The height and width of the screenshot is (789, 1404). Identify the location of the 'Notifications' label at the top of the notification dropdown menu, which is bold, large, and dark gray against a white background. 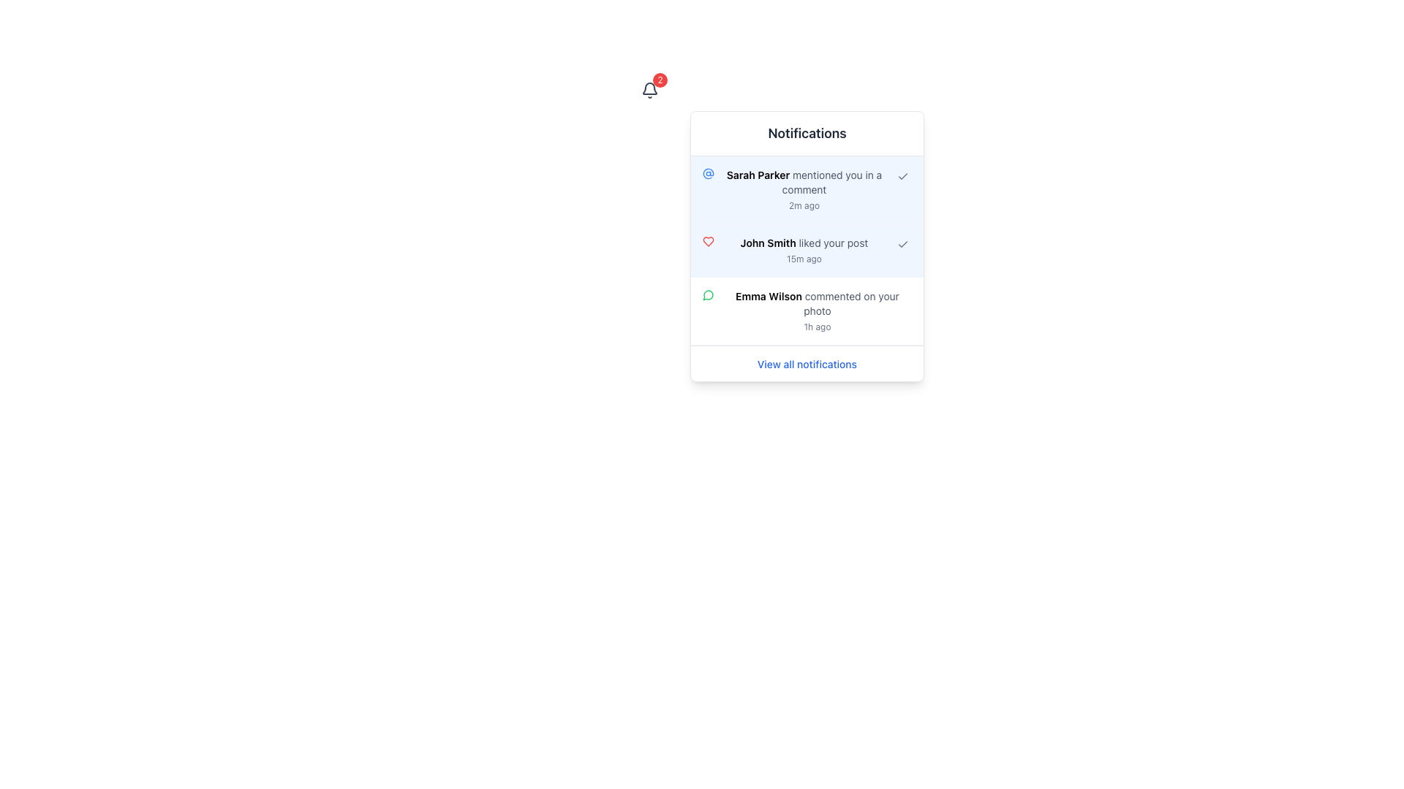
(807, 133).